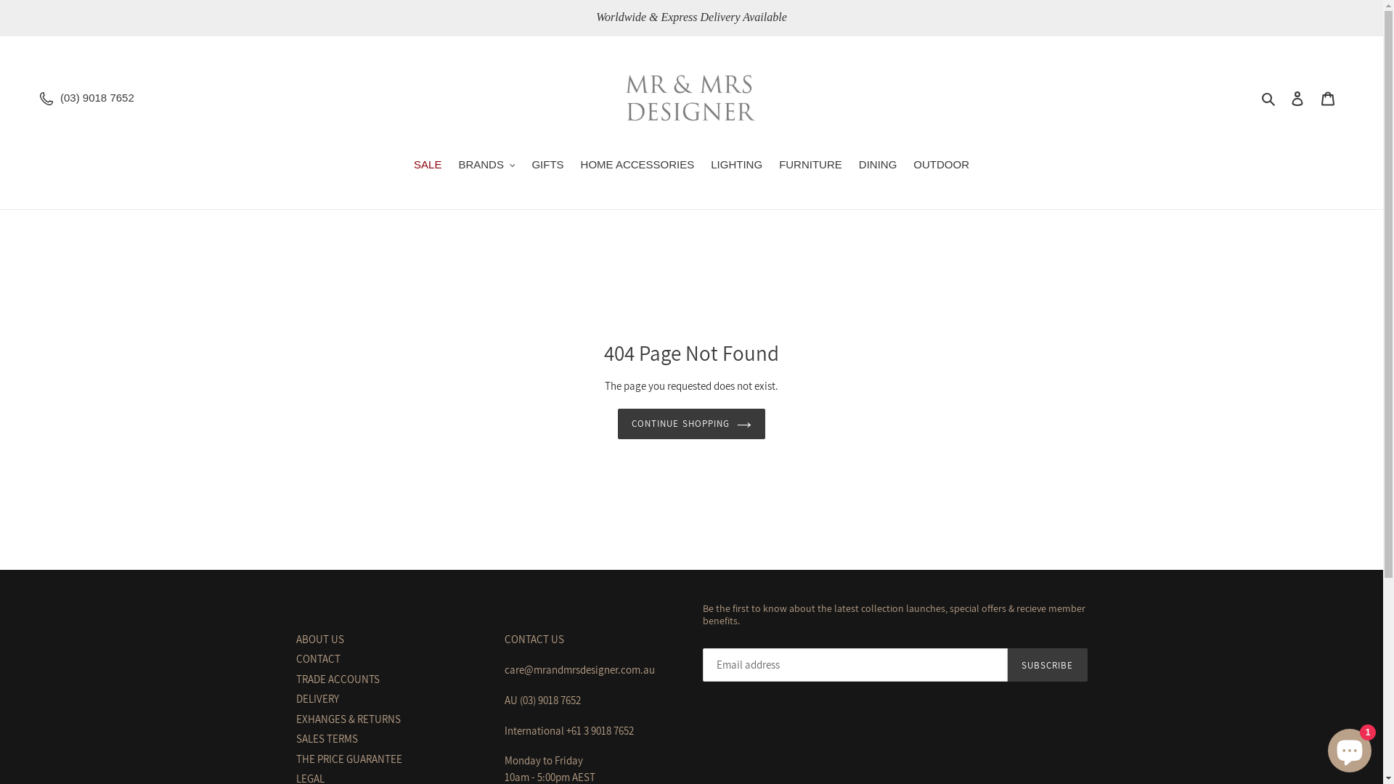 The image size is (1394, 784). What do you see at coordinates (617, 423) in the screenshot?
I see `'CONTINUE SHOPPING'` at bounding box center [617, 423].